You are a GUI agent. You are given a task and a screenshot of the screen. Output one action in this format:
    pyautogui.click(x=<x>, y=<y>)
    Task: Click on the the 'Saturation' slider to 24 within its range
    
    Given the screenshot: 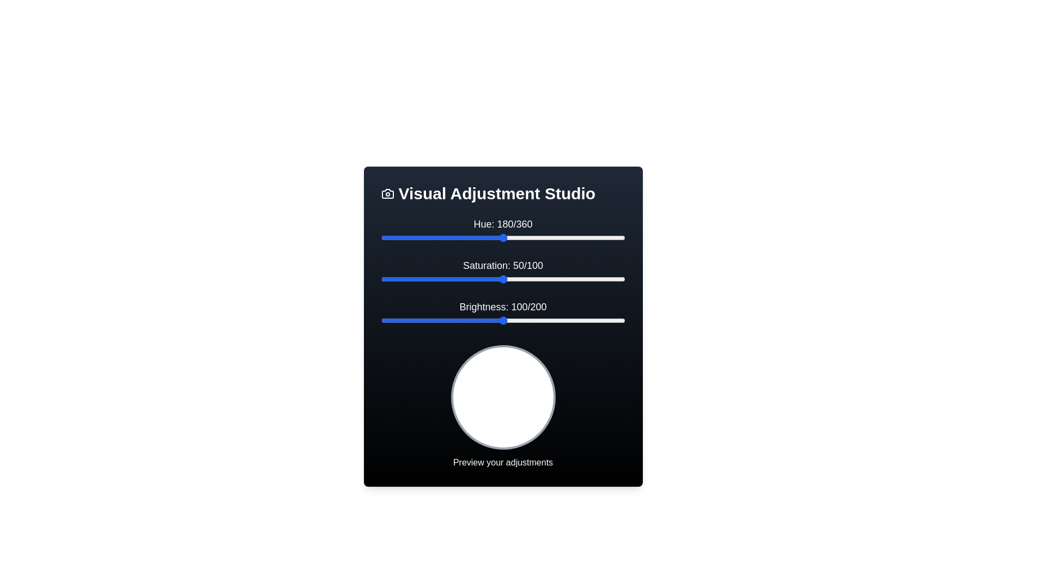 What is the action you would take?
    pyautogui.click(x=439, y=279)
    